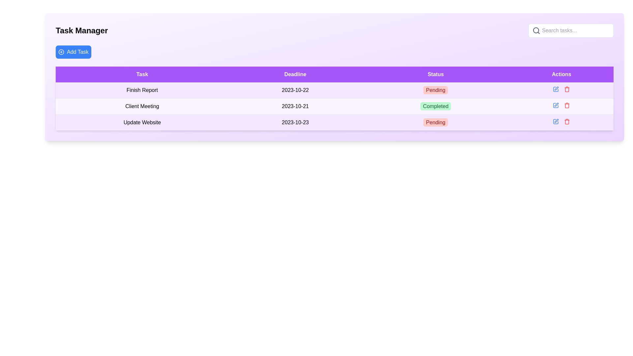 This screenshot has width=633, height=356. What do you see at coordinates (556, 121) in the screenshot?
I see `the stylized square pencil icon inside the 'Actions' column of the table row for the 'Update Website' task` at bounding box center [556, 121].